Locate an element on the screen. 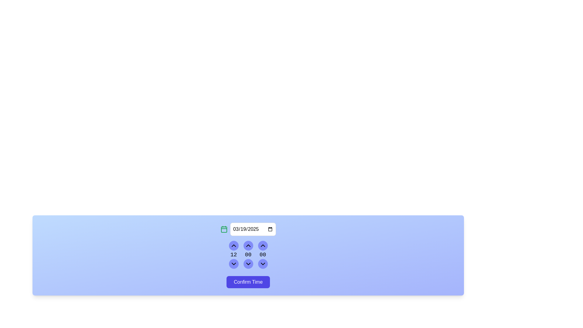 Image resolution: width=583 pixels, height=328 pixels. the circular button with a purple background and a chevron-up icon, which is the top button of the rightmost column in the time selector component is located at coordinates (263, 245).